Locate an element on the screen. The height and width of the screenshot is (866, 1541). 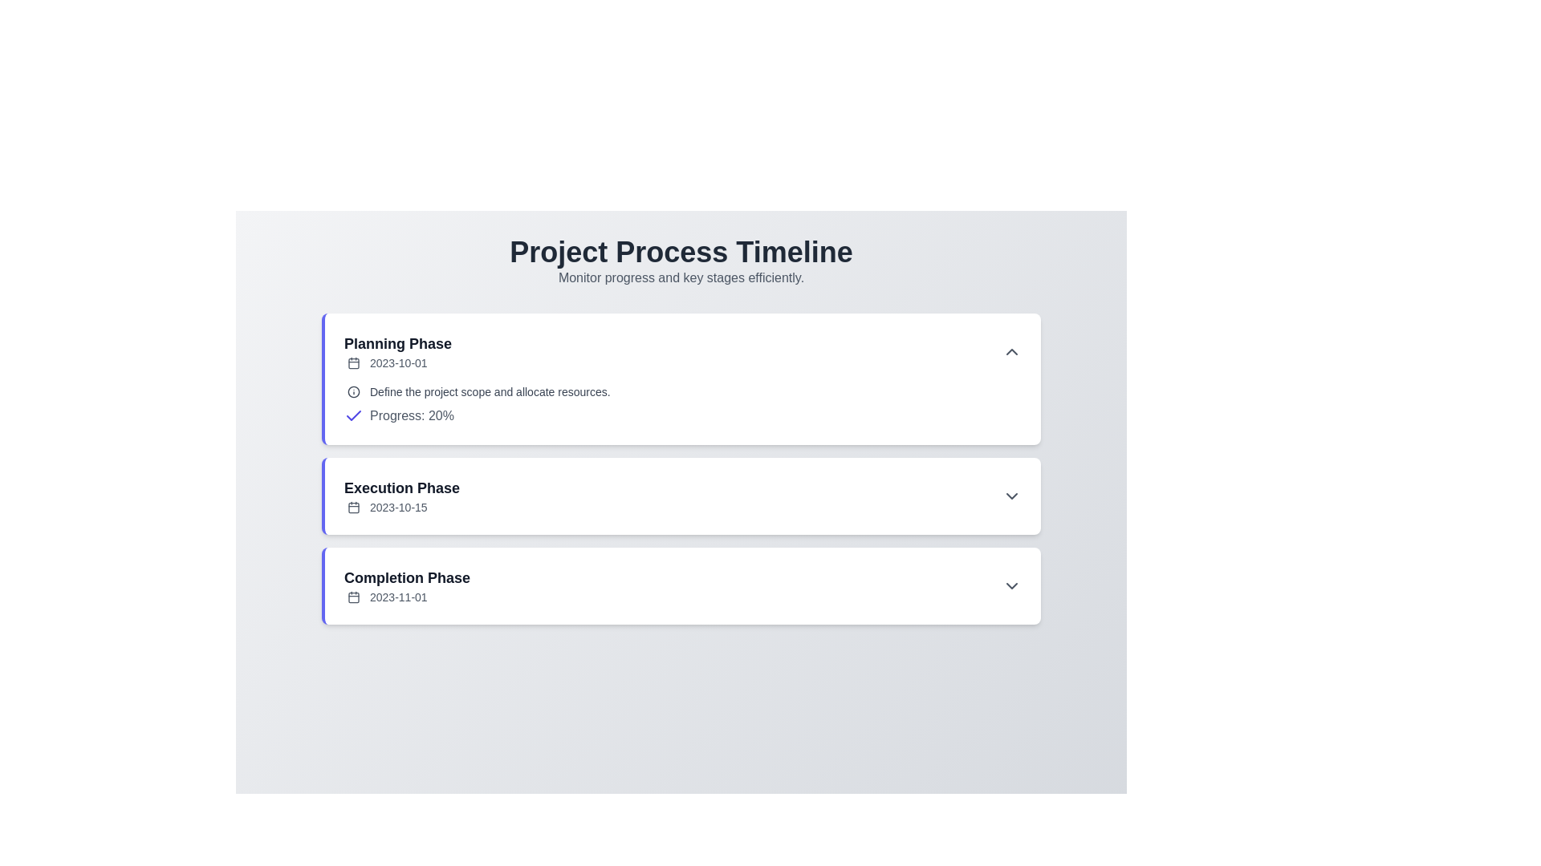
the 'Execution Phase' text label, which displays 'Execution Phase' in bold dark font and '2023-10-15' in smaller gray font, located between 'Planning Phase' and 'Completion Phase' is located at coordinates (402, 495).